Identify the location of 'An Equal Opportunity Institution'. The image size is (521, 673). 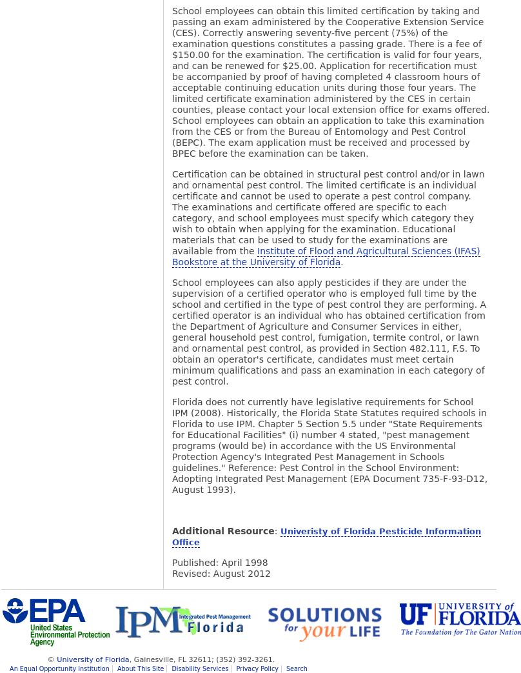
(10, 668).